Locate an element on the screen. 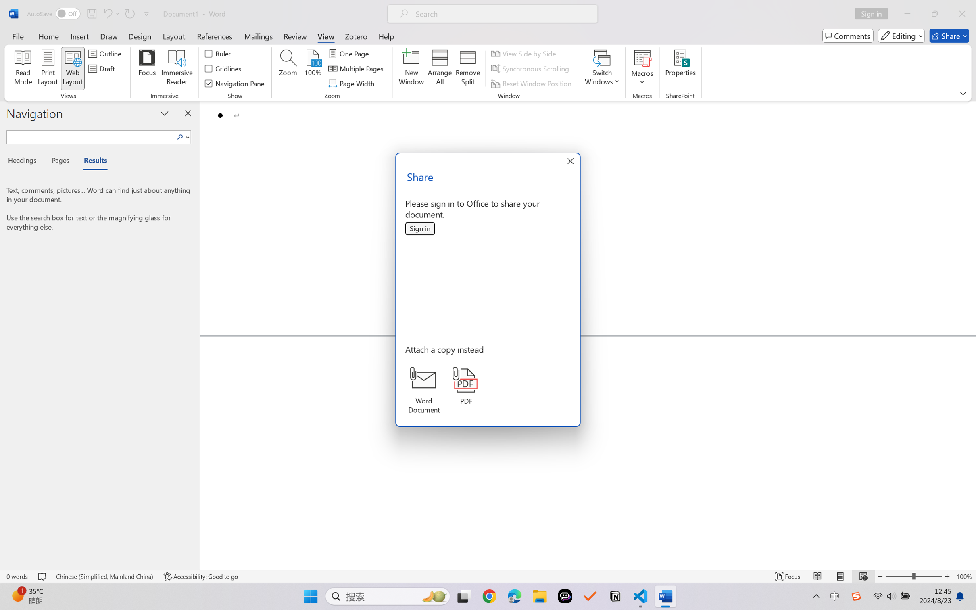 Image resolution: width=976 pixels, height=610 pixels. 'Undo Bullet Default' is located at coordinates (111, 13).